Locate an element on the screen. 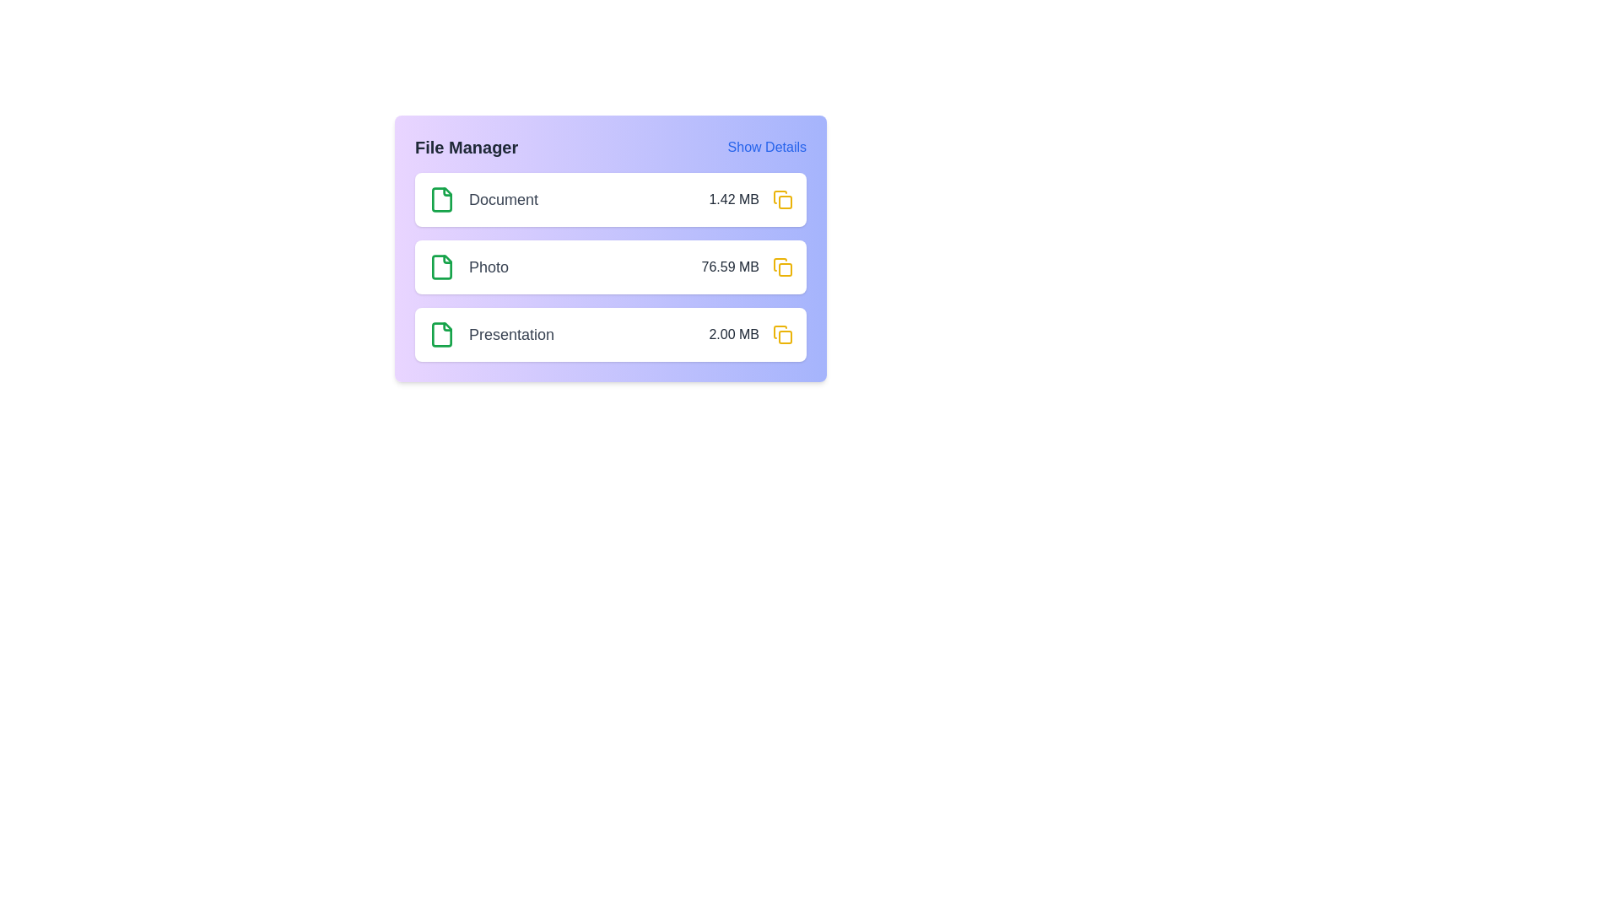 The height and width of the screenshot is (911, 1620). the icon component indicating a copy or duplicate action, located in the third list item adjacent to the '2.00 MB' text related to the 'Presentation' file is located at coordinates (785, 337).